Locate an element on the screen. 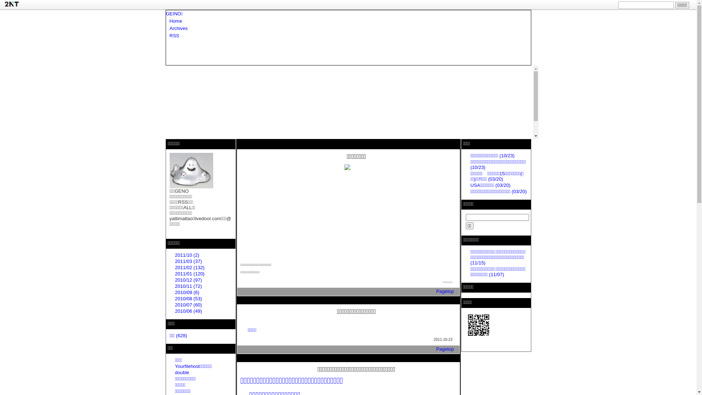 The height and width of the screenshot is (395, 702). 'Pagetop' is located at coordinates (436, 291).